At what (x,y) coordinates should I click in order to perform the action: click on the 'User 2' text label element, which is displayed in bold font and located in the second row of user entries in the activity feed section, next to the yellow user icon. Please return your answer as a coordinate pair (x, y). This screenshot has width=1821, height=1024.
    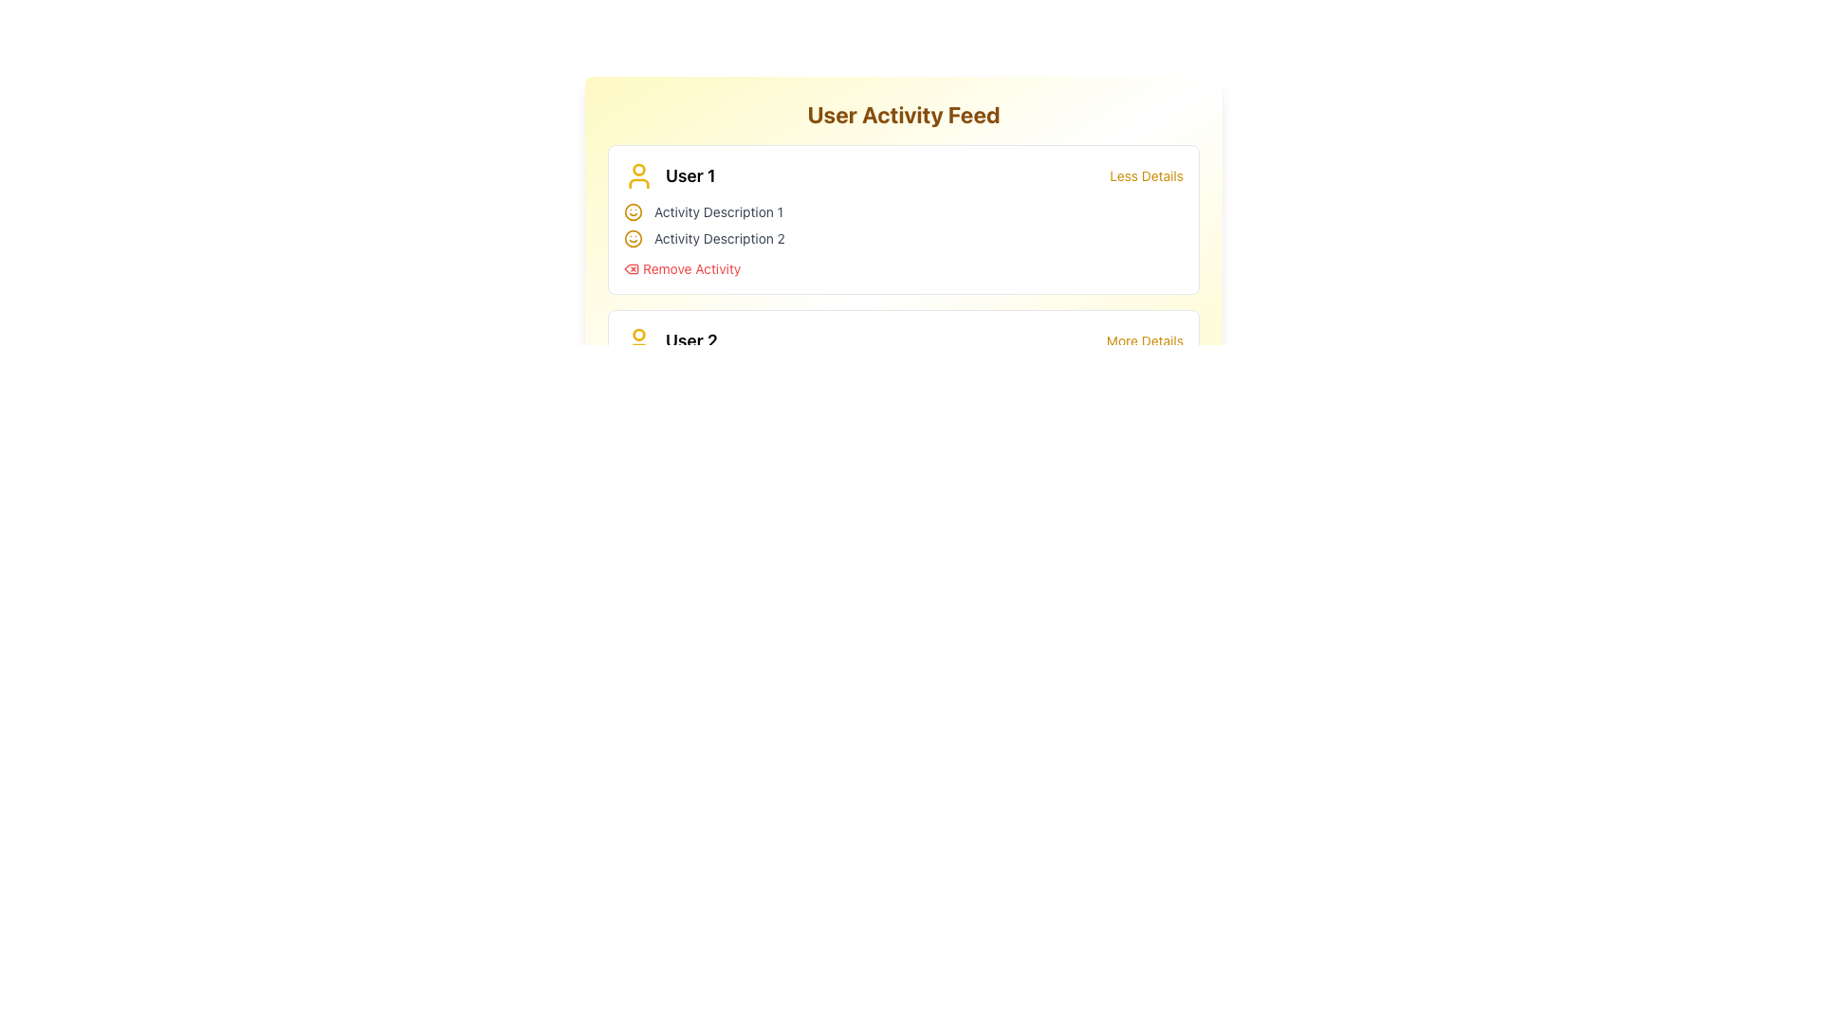
    Looking at the image, I should click on (690, 339).